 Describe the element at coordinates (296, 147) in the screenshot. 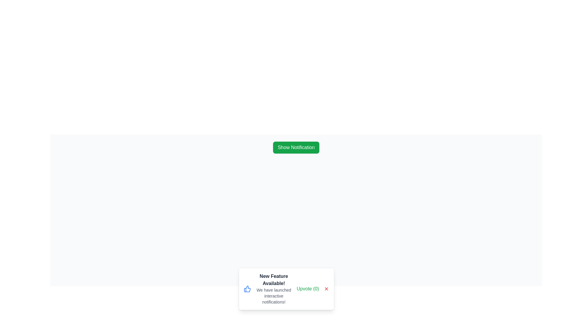

I see `the 'Show Notification' button to display the notification` at that location.